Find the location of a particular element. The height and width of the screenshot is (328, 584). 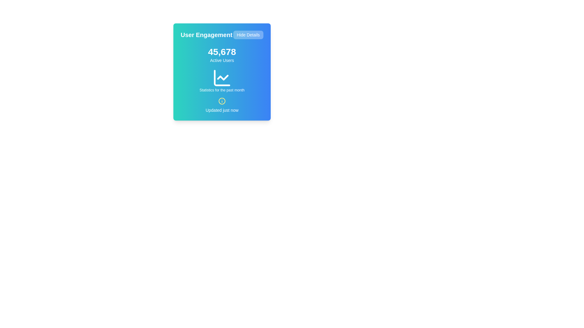

text label displaying 'Updated just now', which is positioned at the bottom center of a card with a gradient blue background is located at coordinates (221, 110).